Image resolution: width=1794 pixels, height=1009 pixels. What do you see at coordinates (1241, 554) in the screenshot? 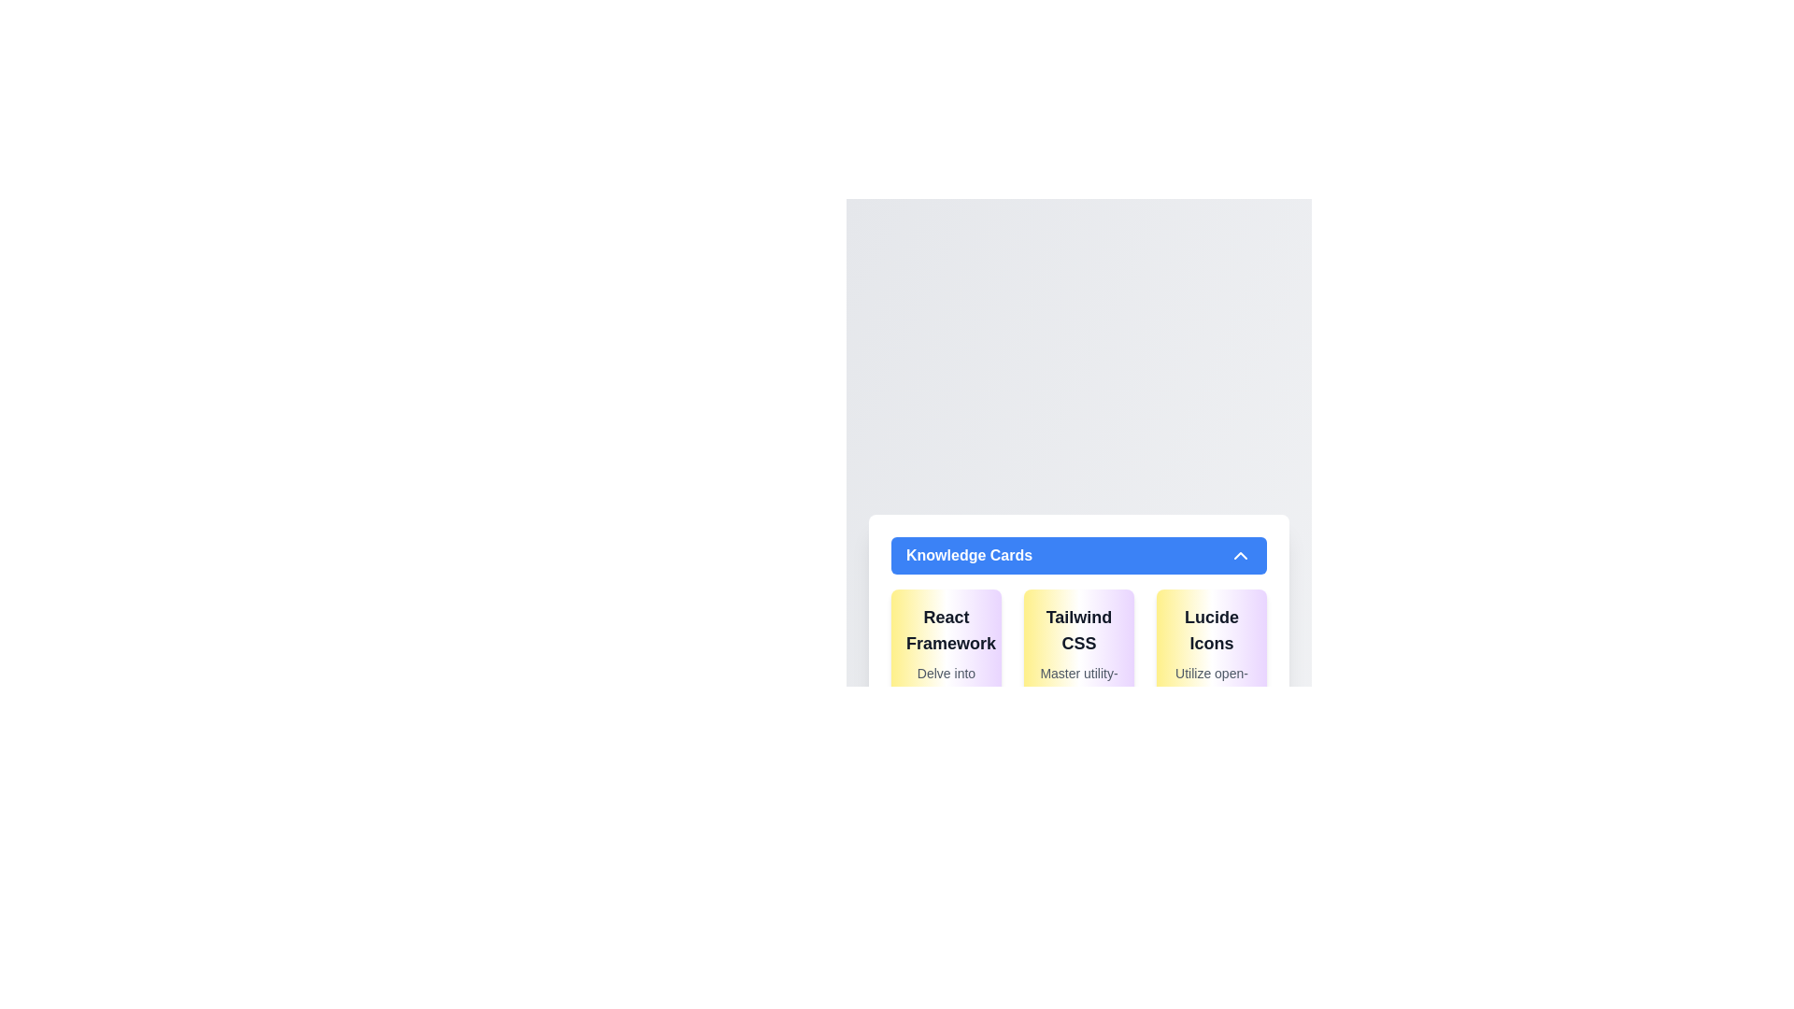
I see `the chevron-up icon located on the right-hand side of the blue header banner labeled 'Knowledge Cards'` at bounding box center [1241, 554].